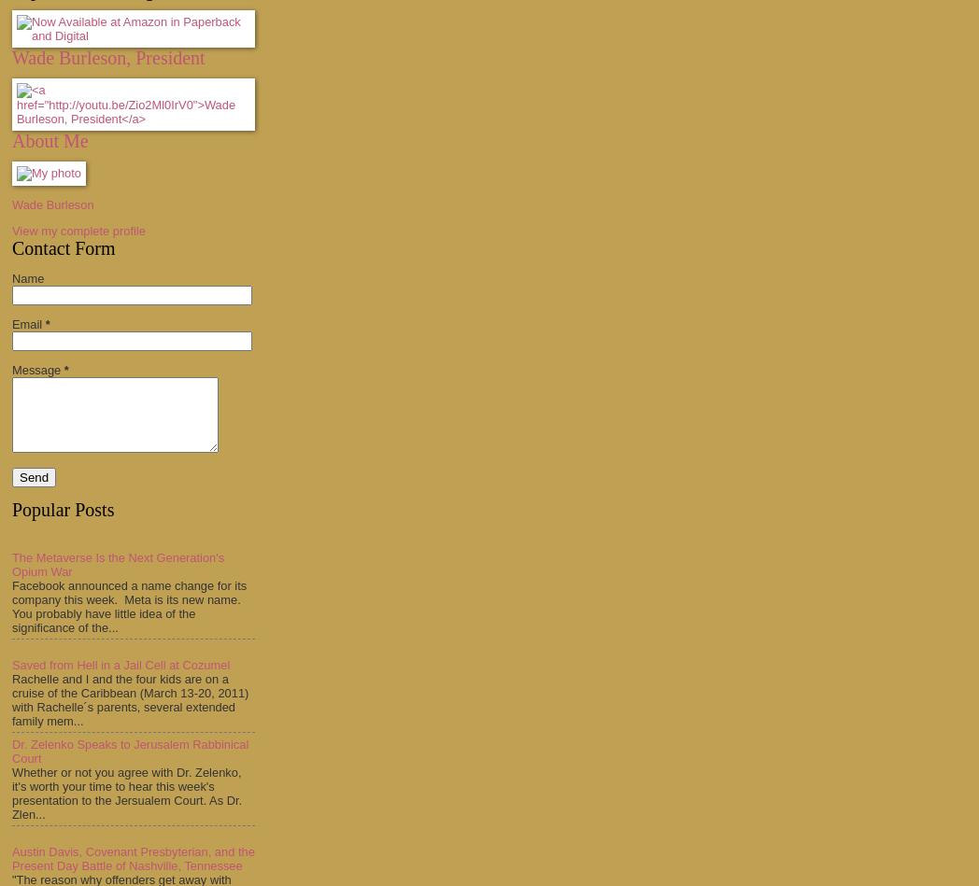 This screenshot has width=979, height=886. I want to click on 'Facebook announced a name change for its company this week.  Meta is its new name.  You probably have little idea of the significance of the...', so click(129, 606).